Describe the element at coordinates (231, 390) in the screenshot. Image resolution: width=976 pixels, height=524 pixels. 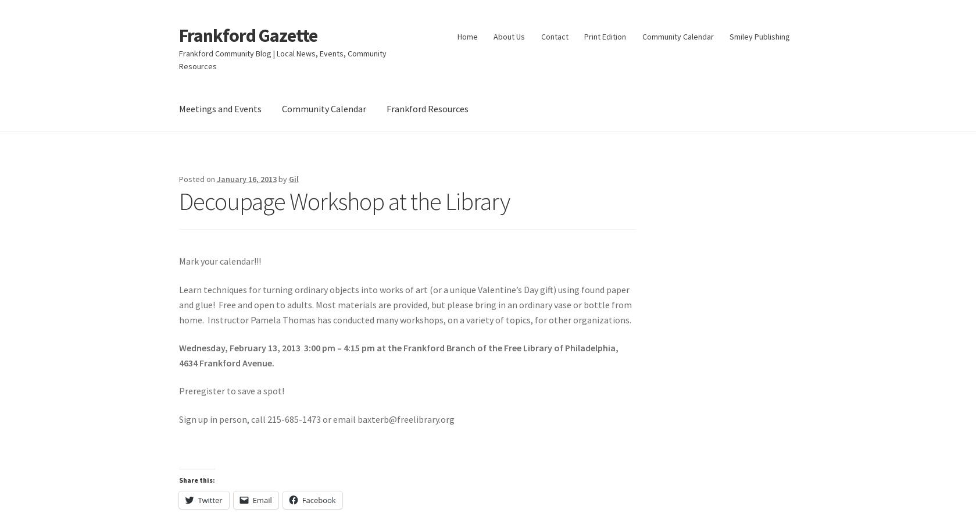
I see `'Preregister to save a spot!'` at that location.